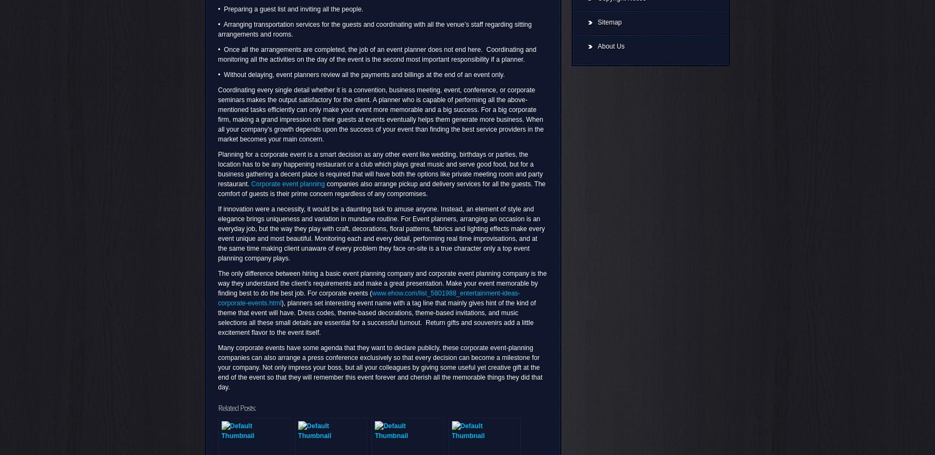  I want to click on 'Coordinating every single detail whether it is a convention, business meeting, event, conference, or corporate seminars makes the output satisfactory for the client. A planner who is capable of performing all the above-mentioned tasks efficiently can only make your event more memorable and a big success. For a big corporate firm, making a grand impression on their guests at events eventually helps them generate more business. When all your company’s growth depends upon the success of your event than finding the best service providers in the market becomes your main concern.', so click(380, 114).